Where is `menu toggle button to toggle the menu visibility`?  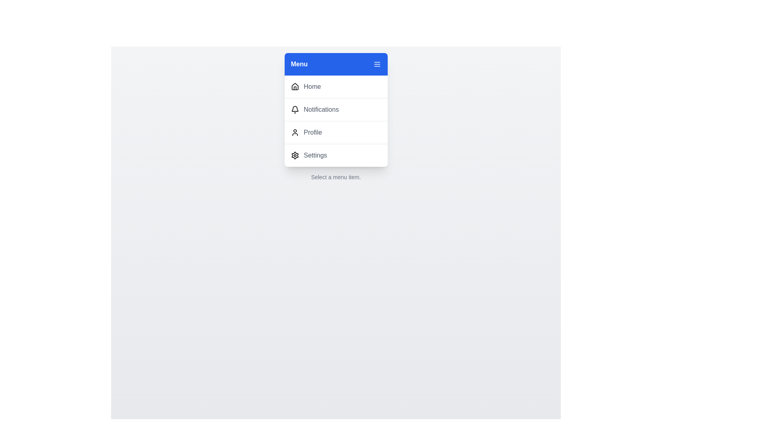
menu toggle button to toggle the menu visibility is located at coordinates (376, 63).